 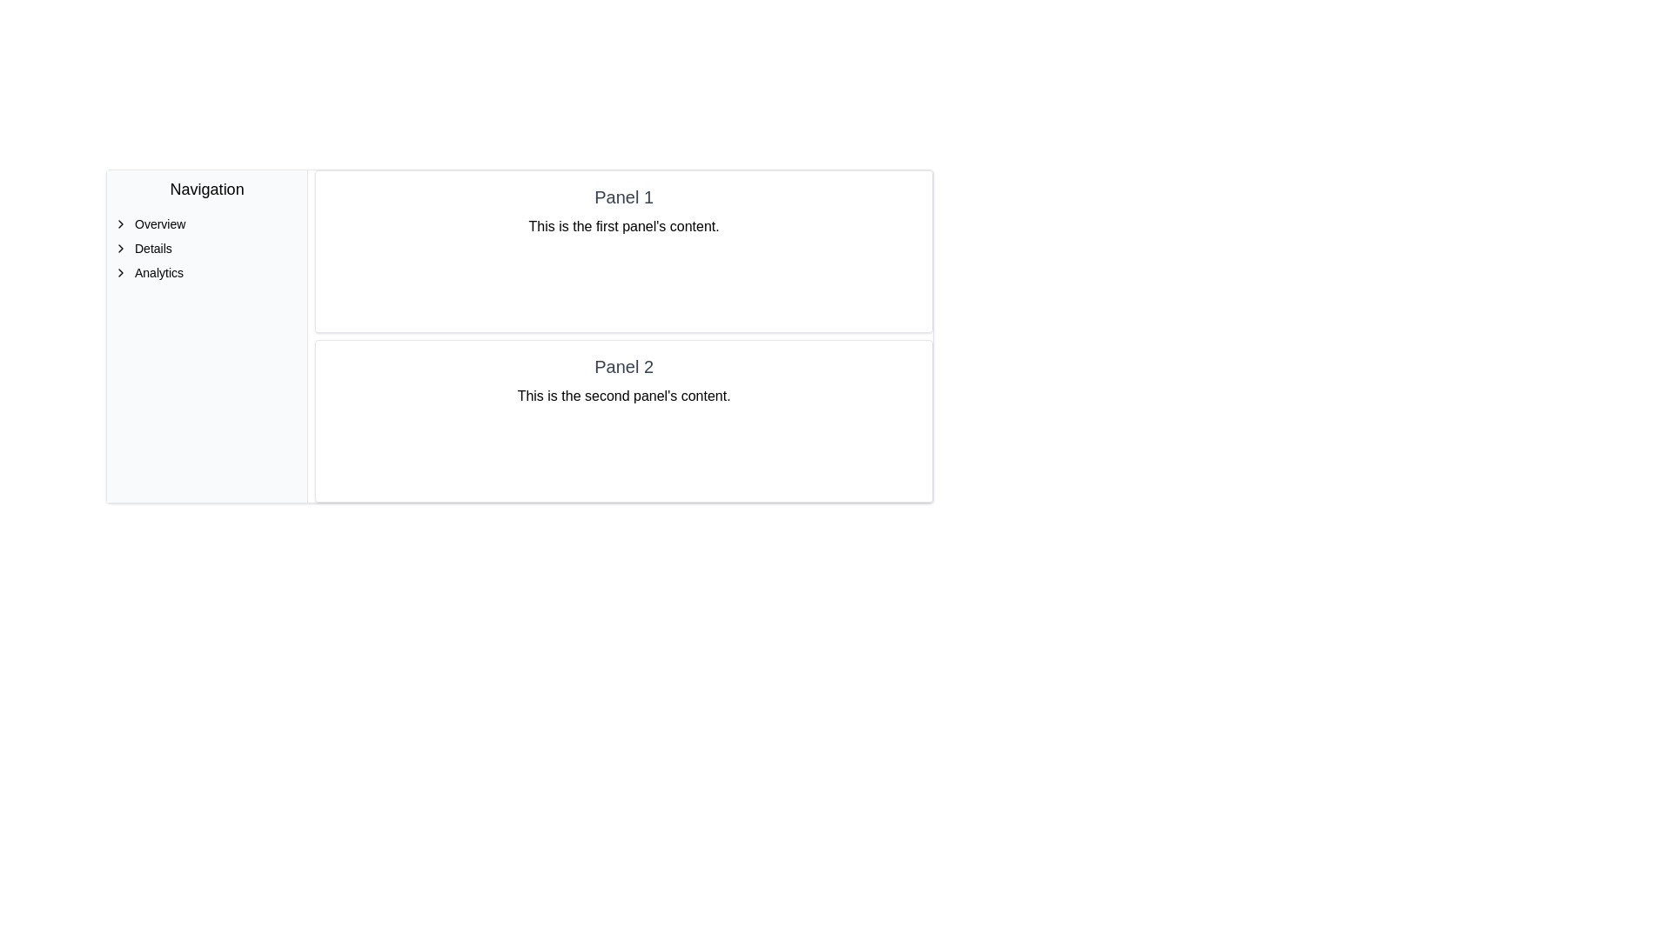 What do you see at coordinates (624, 396) in the screenshot?
I see `the Static Text displaying the message 'This is the second panel's content.' located below the title 'Panel 2' in the second content panel` at bounding box center [624, 396].